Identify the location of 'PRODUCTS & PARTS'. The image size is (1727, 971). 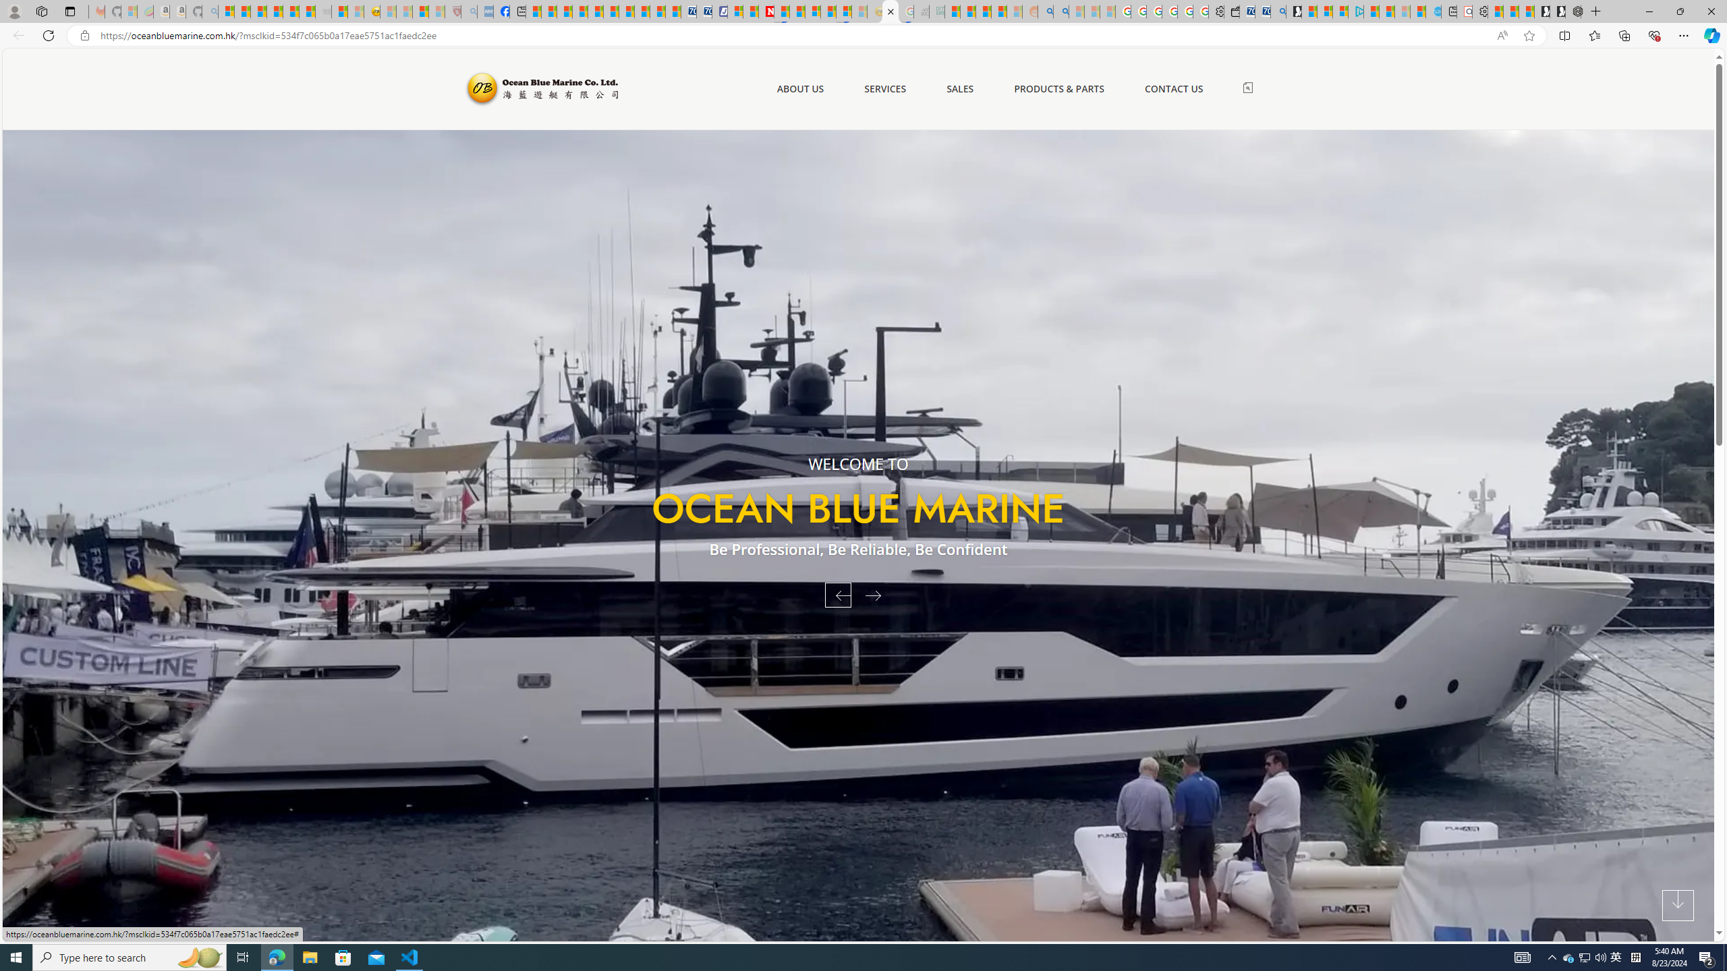
(1058, 88).